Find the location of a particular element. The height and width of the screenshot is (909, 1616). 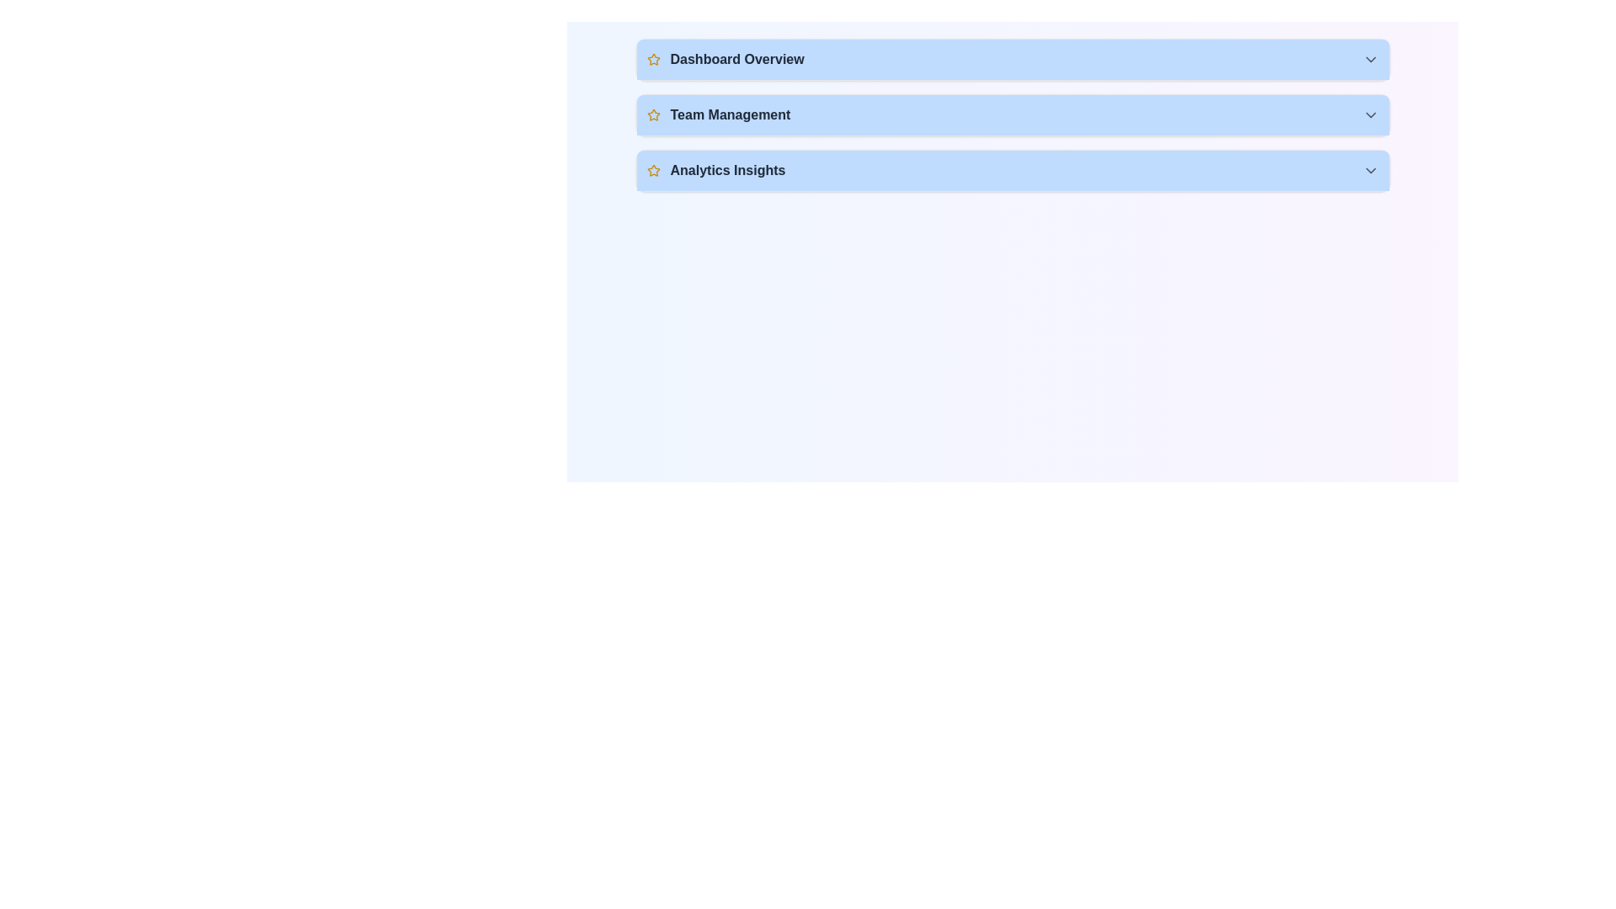

the 'Analytics Insights' tab using keyboard navigation is located at coordinates (1012, 171).